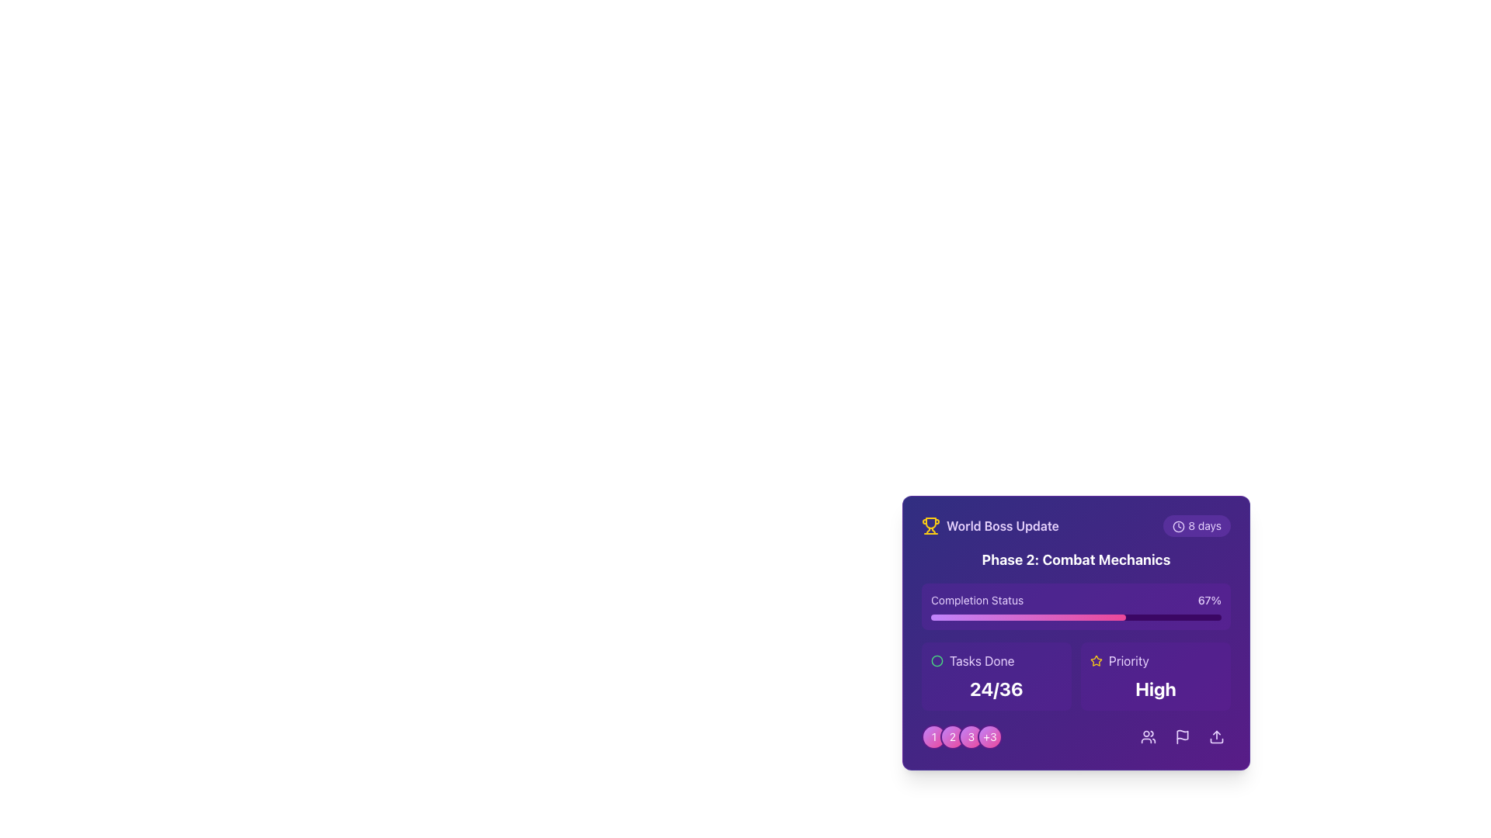 The image size is (1491, 838). Describe the element at coordinates (1076, 606) in the screenshot. I see `the Progress Bar Component with Percentage Display located below the 'Phase 2: Combat Mechanics' title, which shows 'Completion Status' and '67%' with a purple background and a partially filled progress bar` at that location.